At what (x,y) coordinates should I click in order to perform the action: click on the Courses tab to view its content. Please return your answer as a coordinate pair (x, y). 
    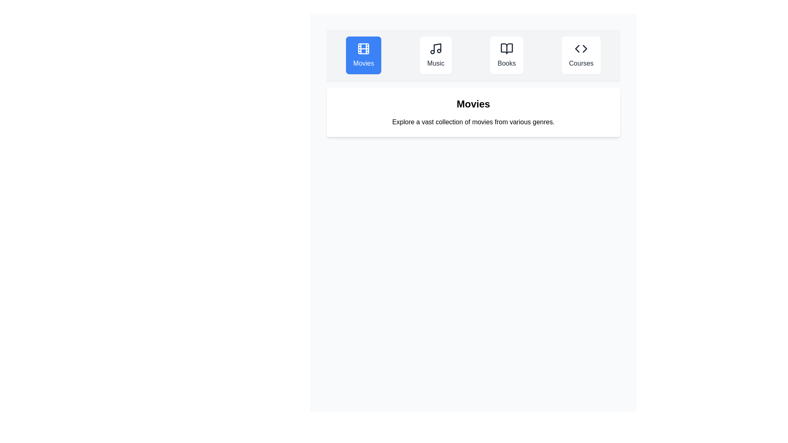
    Looking at the image, I should click on (581, 55).